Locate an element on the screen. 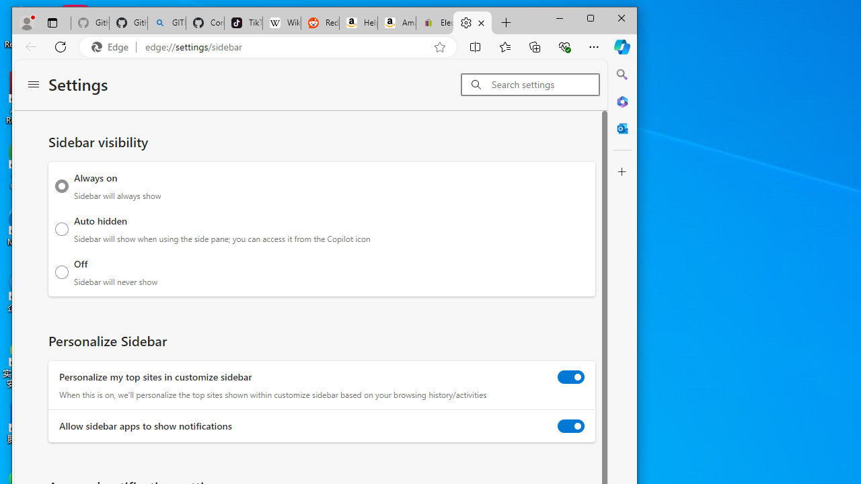 The image size is (861, 484). 'Off Sidebar will never show' is located at coordinates (61, 272).